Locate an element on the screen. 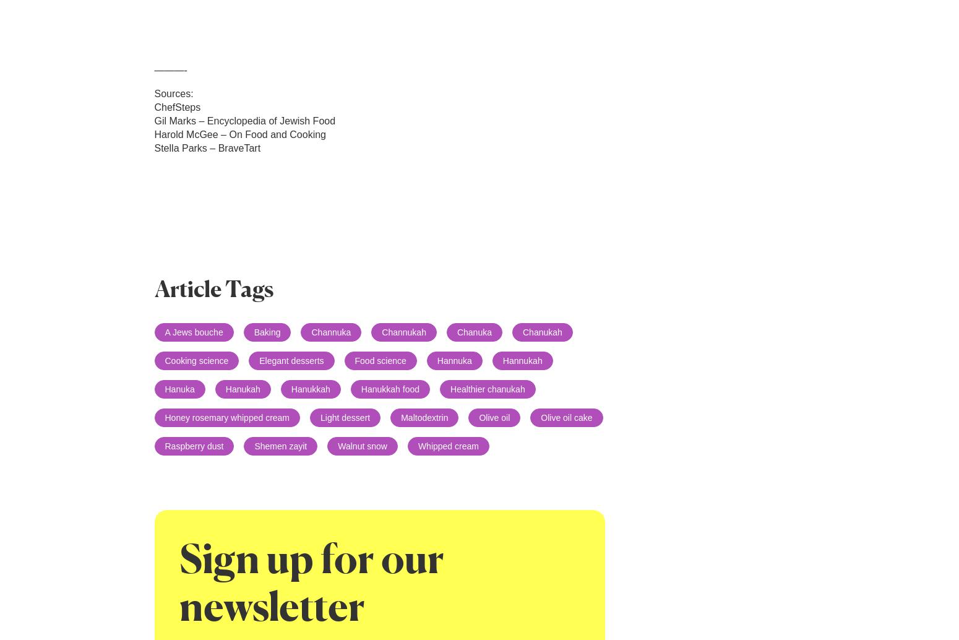  'Elegant desserts' is located at coordinates (291, 360).